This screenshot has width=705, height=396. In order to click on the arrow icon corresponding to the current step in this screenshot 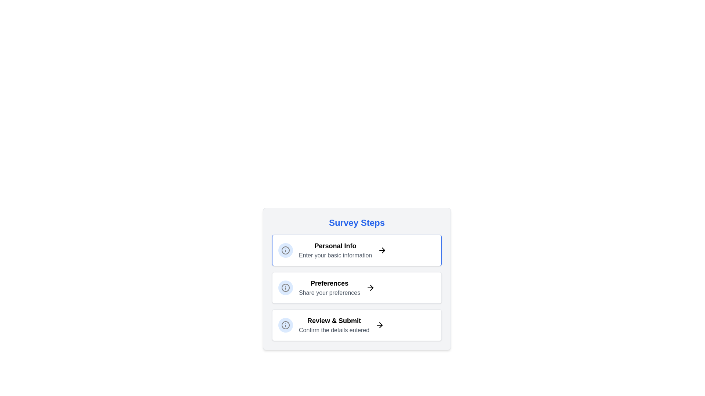, I will do `click(382, 250)`.